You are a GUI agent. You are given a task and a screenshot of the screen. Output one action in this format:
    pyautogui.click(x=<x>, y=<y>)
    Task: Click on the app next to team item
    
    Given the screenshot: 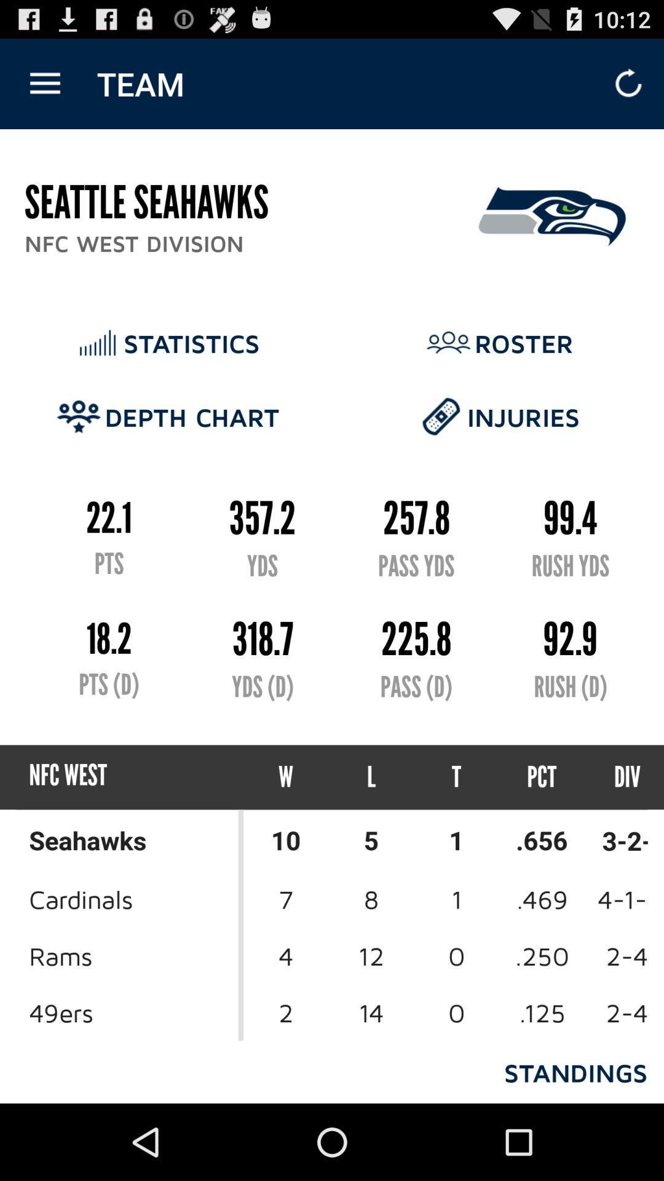 What is the action you would take?
    pyautogui.click(x=44, y=83)
    